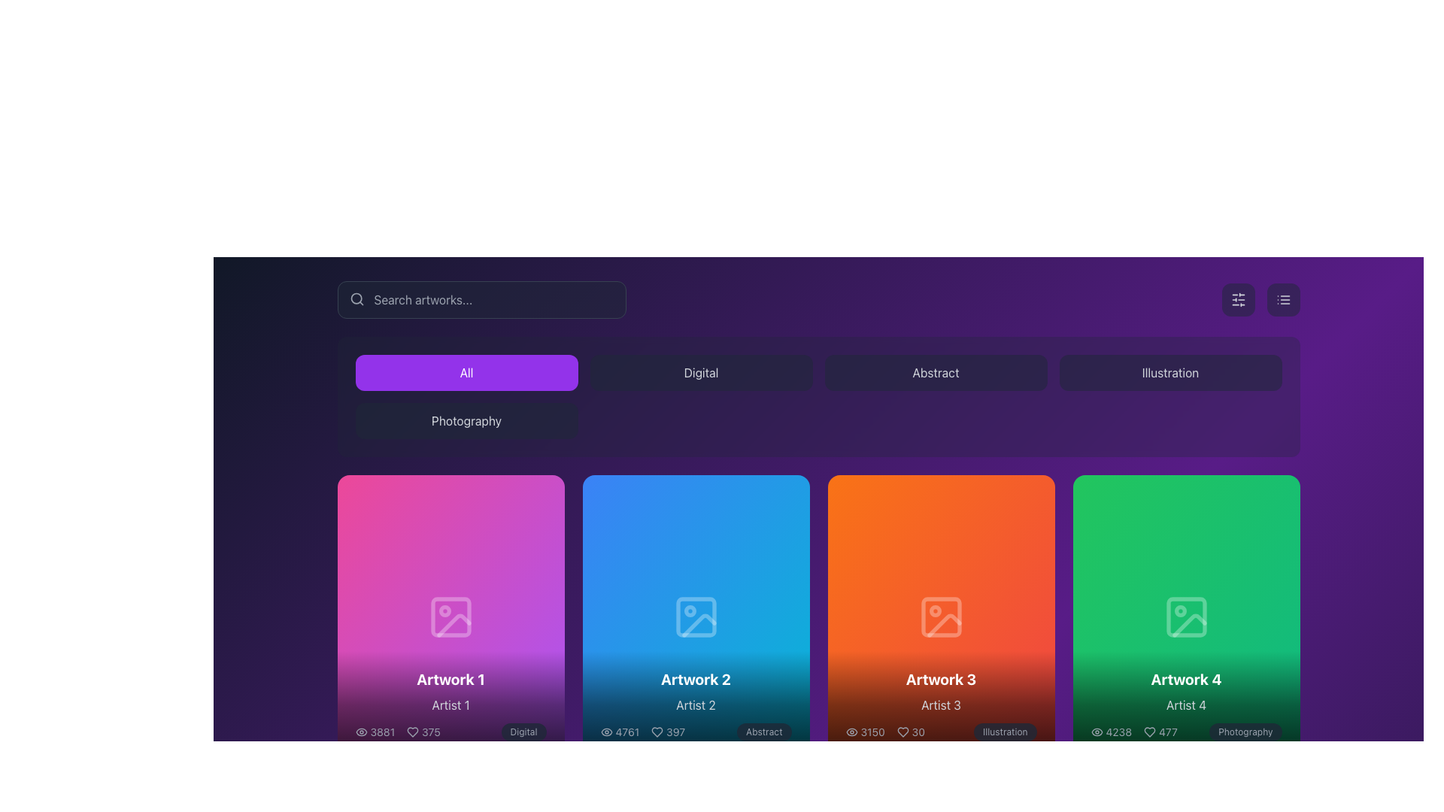  I want to click on text label displaying 'Artist 2' which is positioned below the title 'Artwork 2' in the card, so click(695, 704).